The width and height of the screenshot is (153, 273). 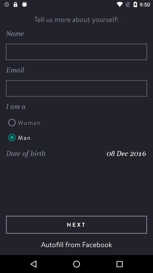 I want to click on autofill from facebook, so click(x=76, y=244).